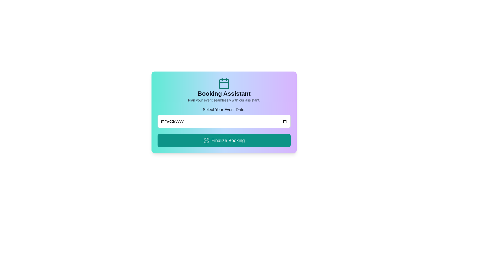 Image resolution: width=484 pixels, height=272 pixels. What do you see at coordinates (224, 90) in the screenshot?
I see `the informational header block titled 'Booking Assistant' which contains a subtitle and is positioned below a calendar icon` at bounding box center [224, 90].